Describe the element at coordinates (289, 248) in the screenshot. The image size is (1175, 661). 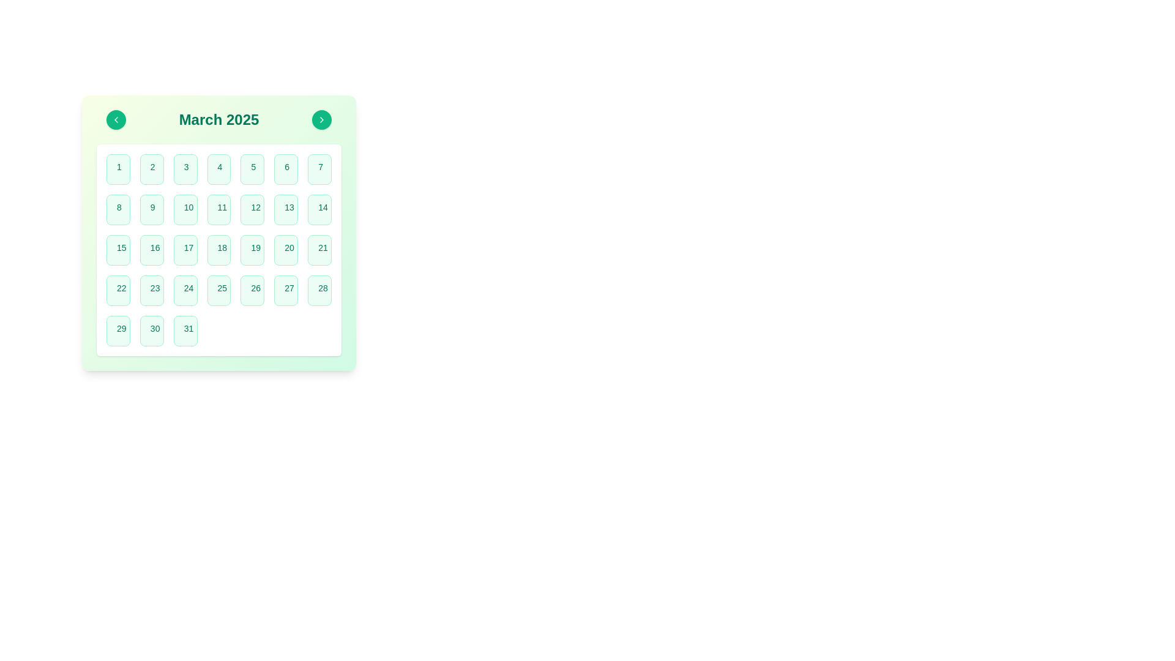
I see `the date displayed` at that location.